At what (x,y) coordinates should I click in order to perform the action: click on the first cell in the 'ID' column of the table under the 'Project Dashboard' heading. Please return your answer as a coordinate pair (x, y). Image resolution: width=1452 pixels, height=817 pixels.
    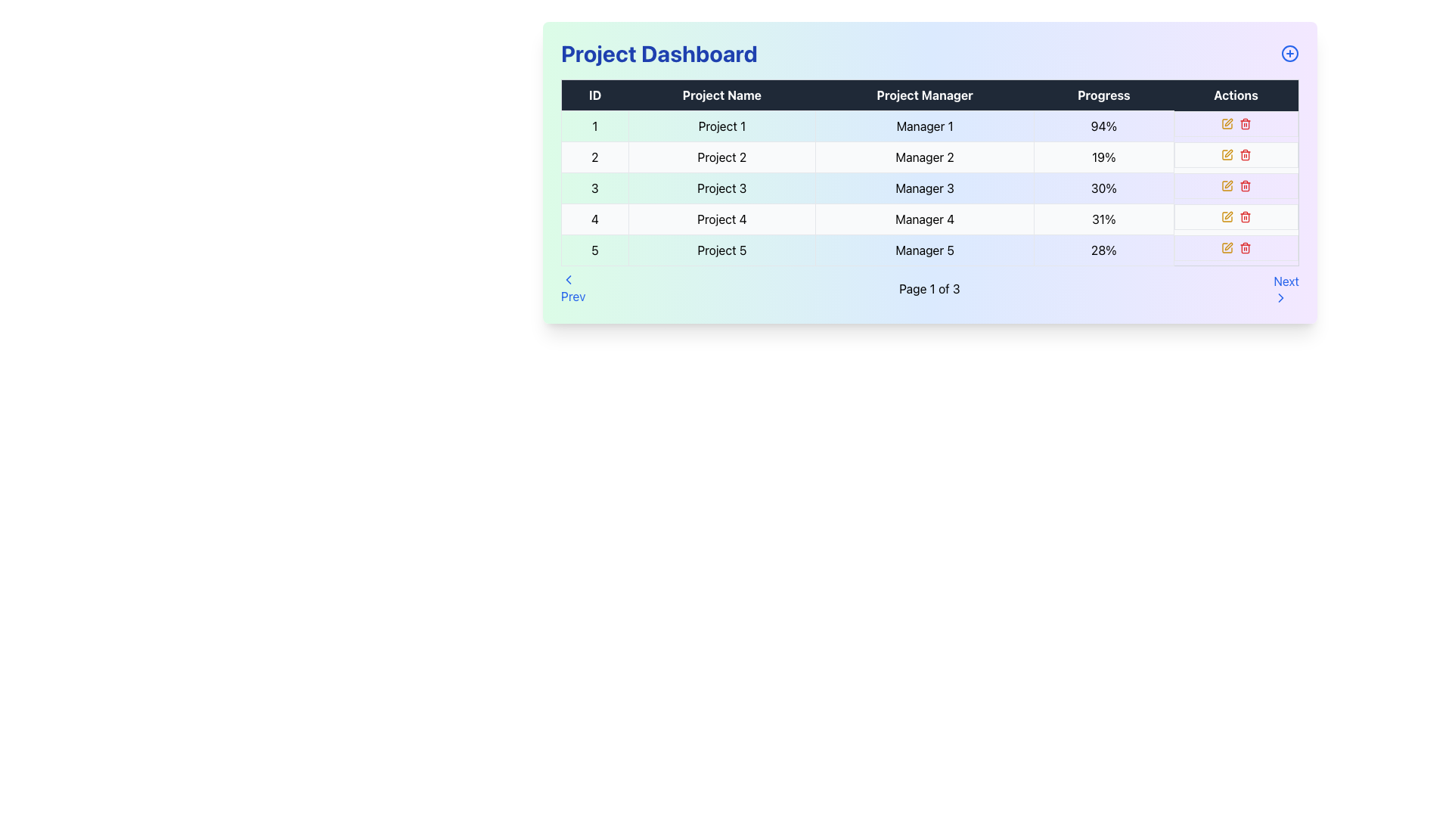
    Looking at the image, I should click on (594, 125).